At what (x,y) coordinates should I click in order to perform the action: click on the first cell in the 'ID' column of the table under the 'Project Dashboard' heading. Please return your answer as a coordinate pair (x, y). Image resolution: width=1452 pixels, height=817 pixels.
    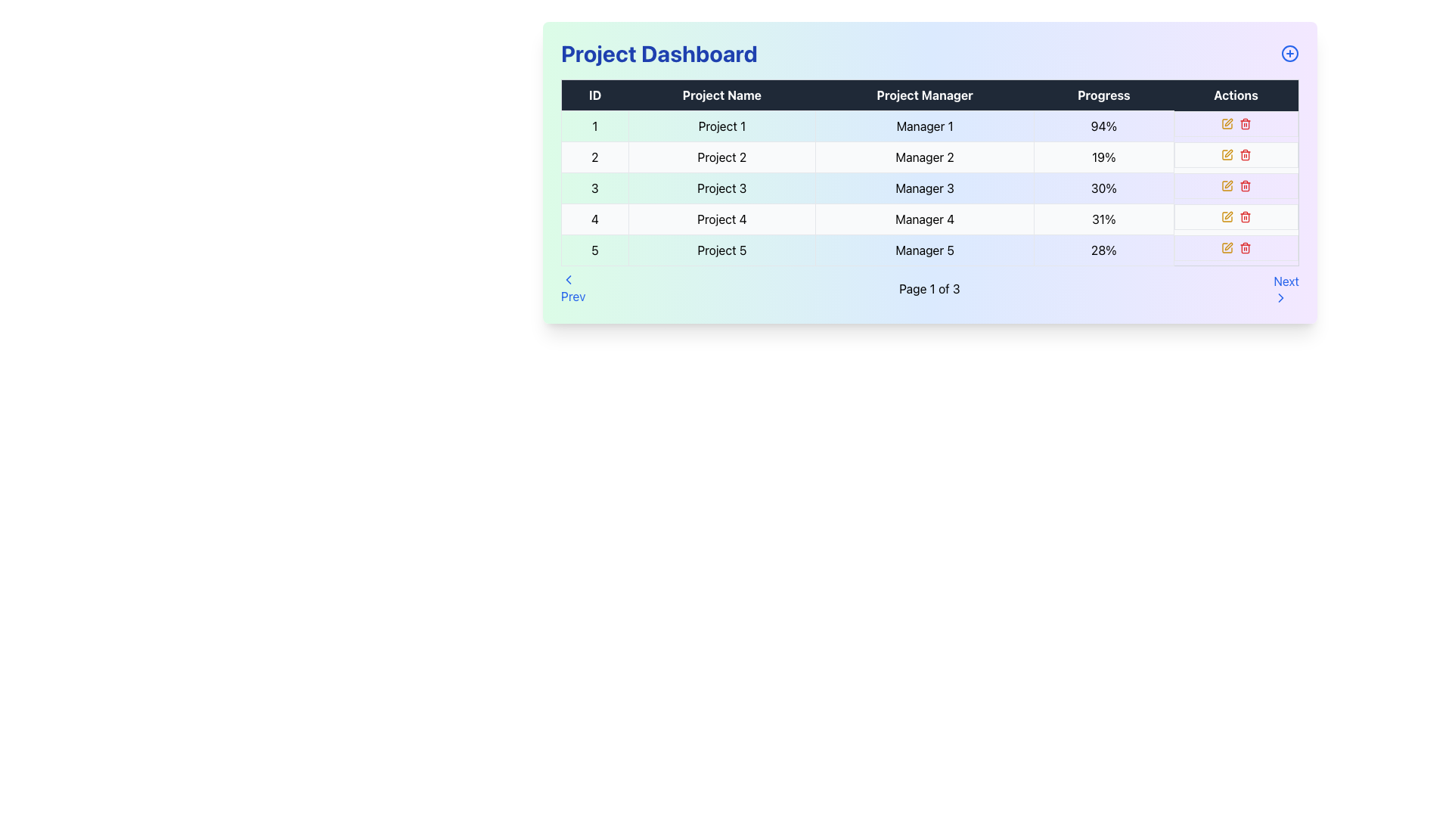
    Looking at the image, I should click on (594, 125).